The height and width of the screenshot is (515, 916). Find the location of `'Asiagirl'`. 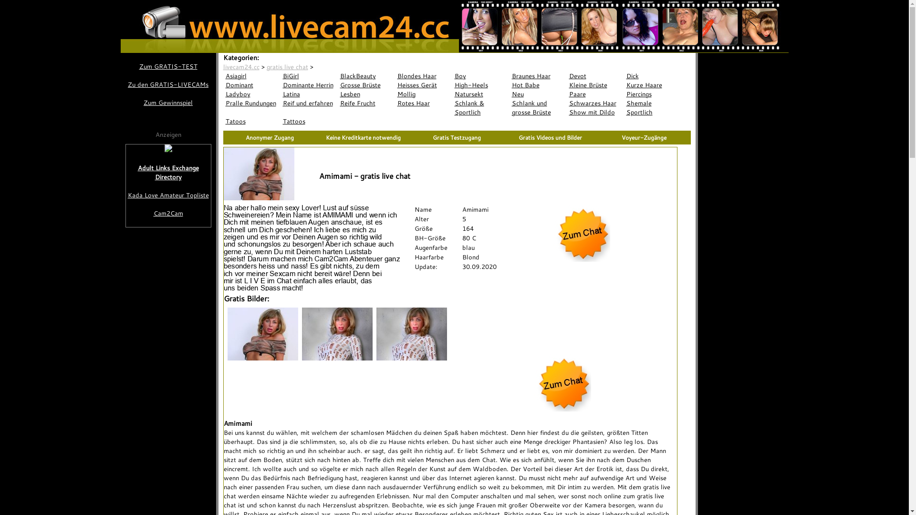

'Asiagirl' is located at coordinates (252, 75).